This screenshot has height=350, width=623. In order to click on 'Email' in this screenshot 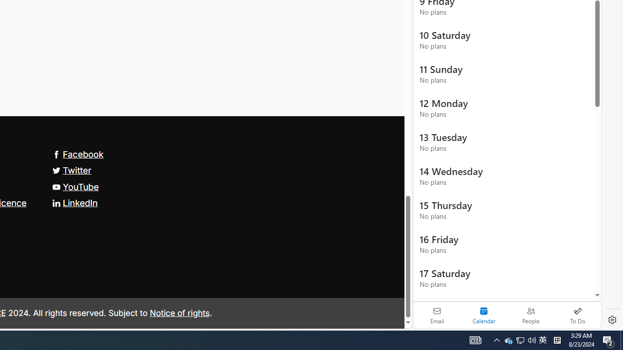, I will do `click(437, 315)`.